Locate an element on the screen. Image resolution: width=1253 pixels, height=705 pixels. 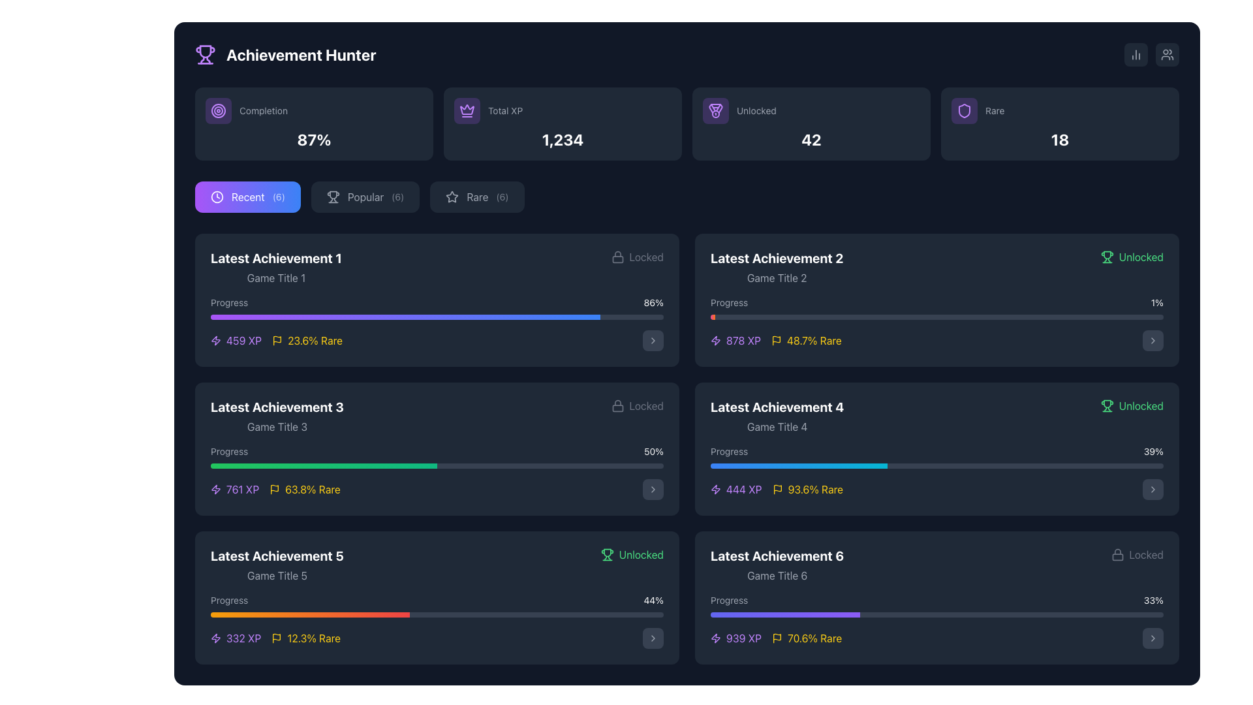
the text label that describes the progress percentage of an achievement, specifically labeled 'Progress', located under the 'Latest Achievement 3' block is located at coordinates (229, 450).